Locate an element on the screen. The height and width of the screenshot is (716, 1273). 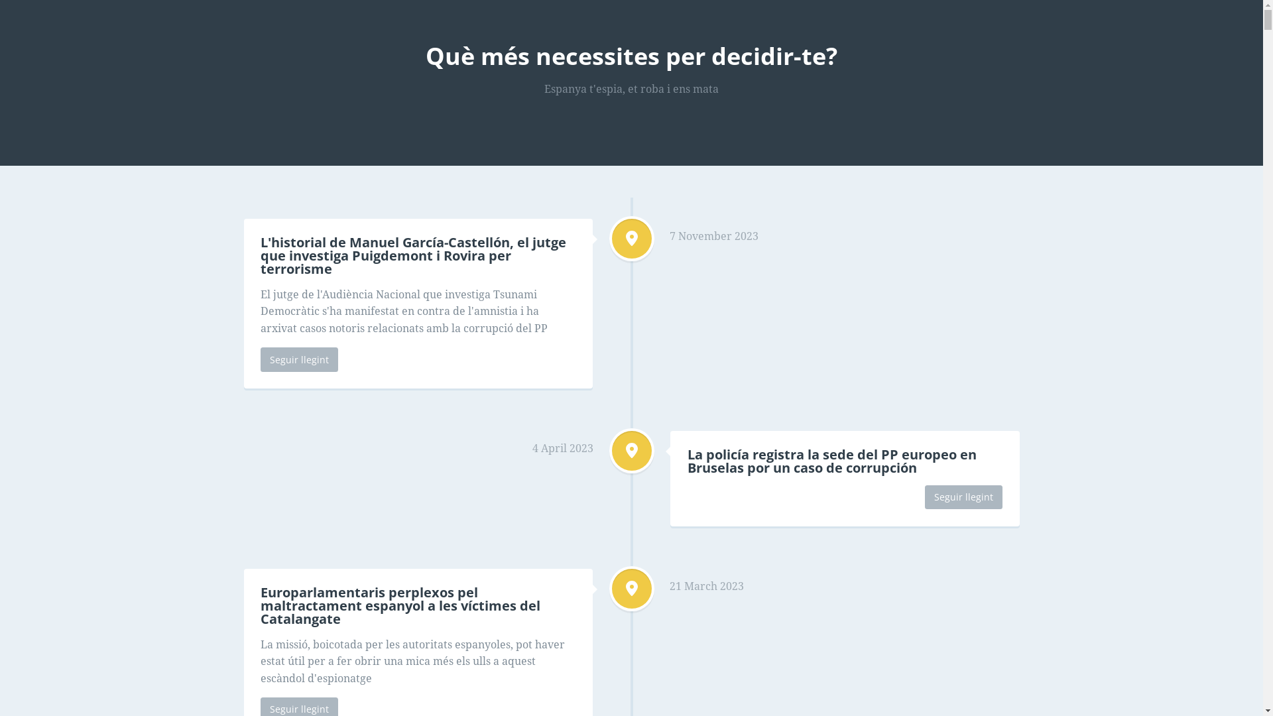
'Seguir llegint' is located at coordinates (963, 497).